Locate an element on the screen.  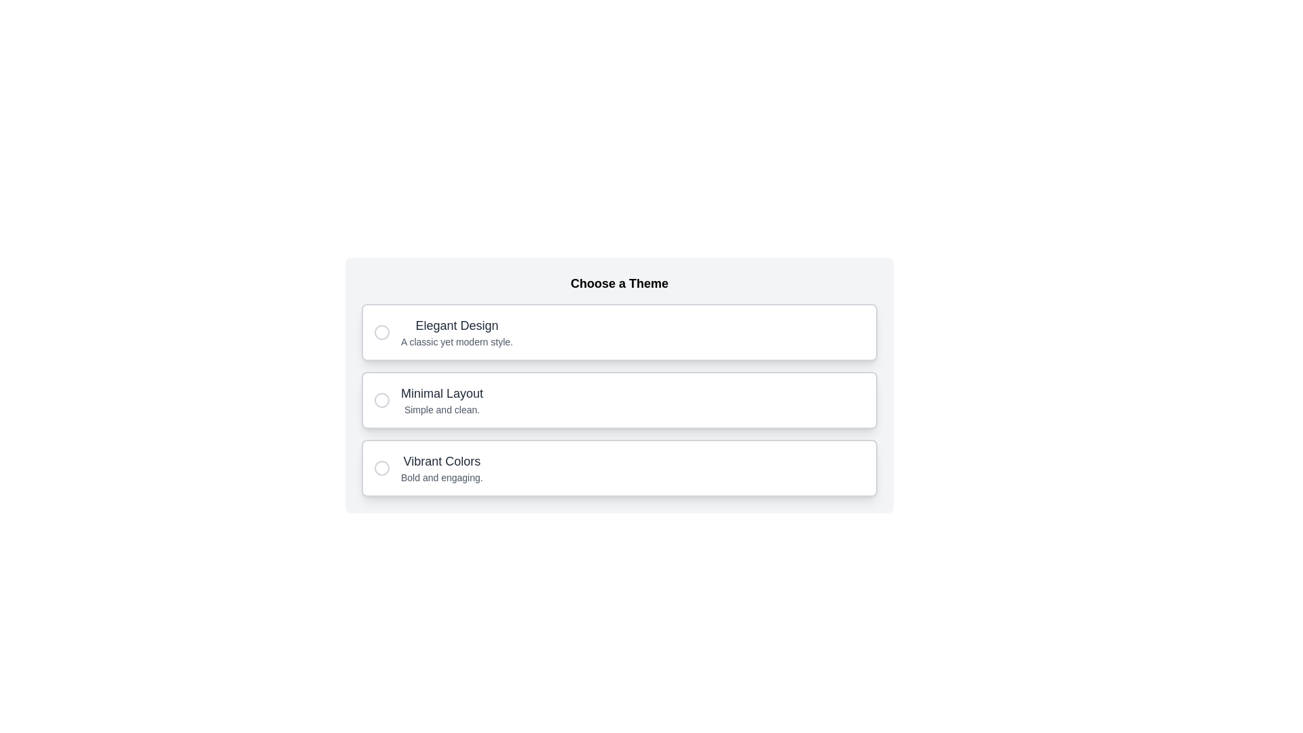
the circular icon styled as an outlined circle located to the left of the 'Vibrant Colors' text in the theme selection options is located at coordinates (381, 468).